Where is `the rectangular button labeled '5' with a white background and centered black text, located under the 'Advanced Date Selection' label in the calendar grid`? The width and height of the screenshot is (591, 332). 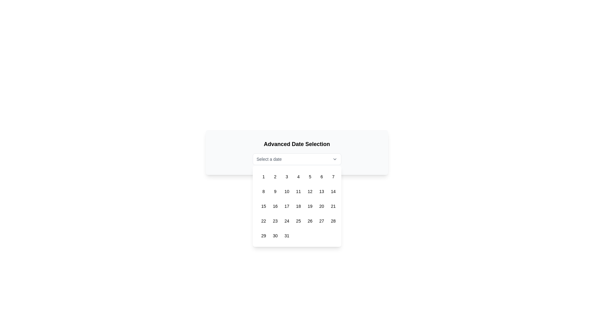
the rectangular button labeled '5' with a white background and centered black text, located under the 'Advanced Date Selection' label in the calendar grid is located at coordinates (310, 176).